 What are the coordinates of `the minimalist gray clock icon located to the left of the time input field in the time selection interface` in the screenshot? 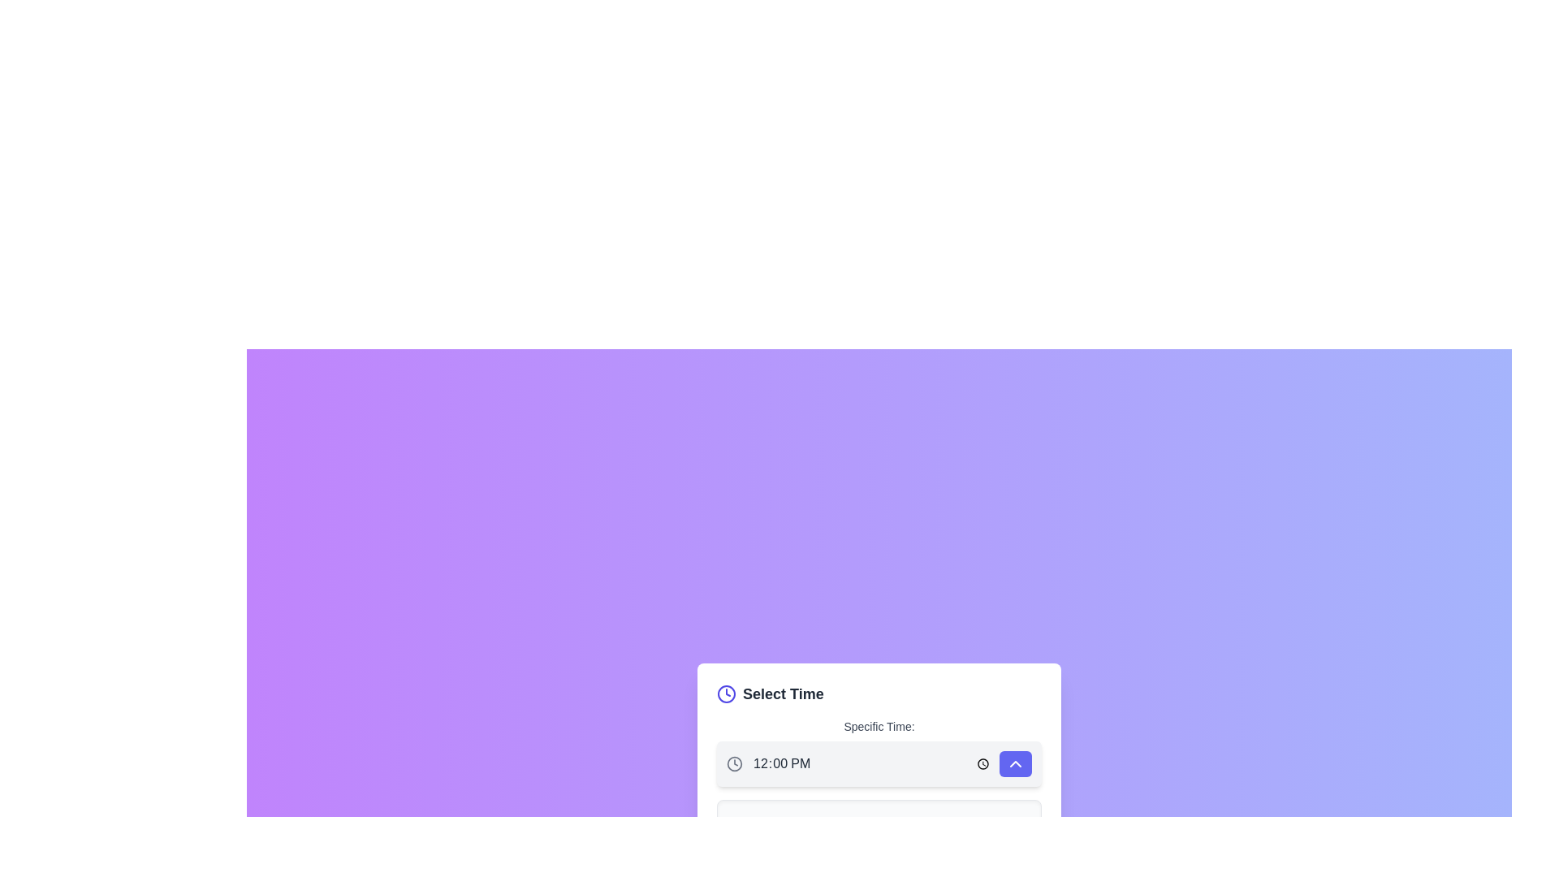 It's located at (734, 764).